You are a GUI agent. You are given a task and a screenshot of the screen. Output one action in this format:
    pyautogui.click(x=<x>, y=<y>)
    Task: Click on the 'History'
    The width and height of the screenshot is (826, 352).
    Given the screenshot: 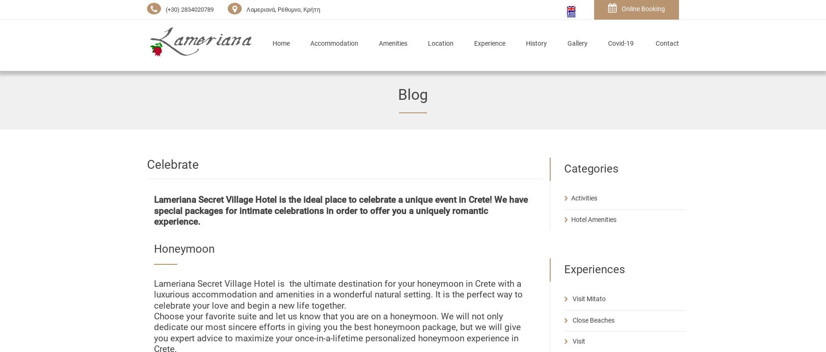 What is the action you would take?
    pyautogui.click(x=536, y=43)
    